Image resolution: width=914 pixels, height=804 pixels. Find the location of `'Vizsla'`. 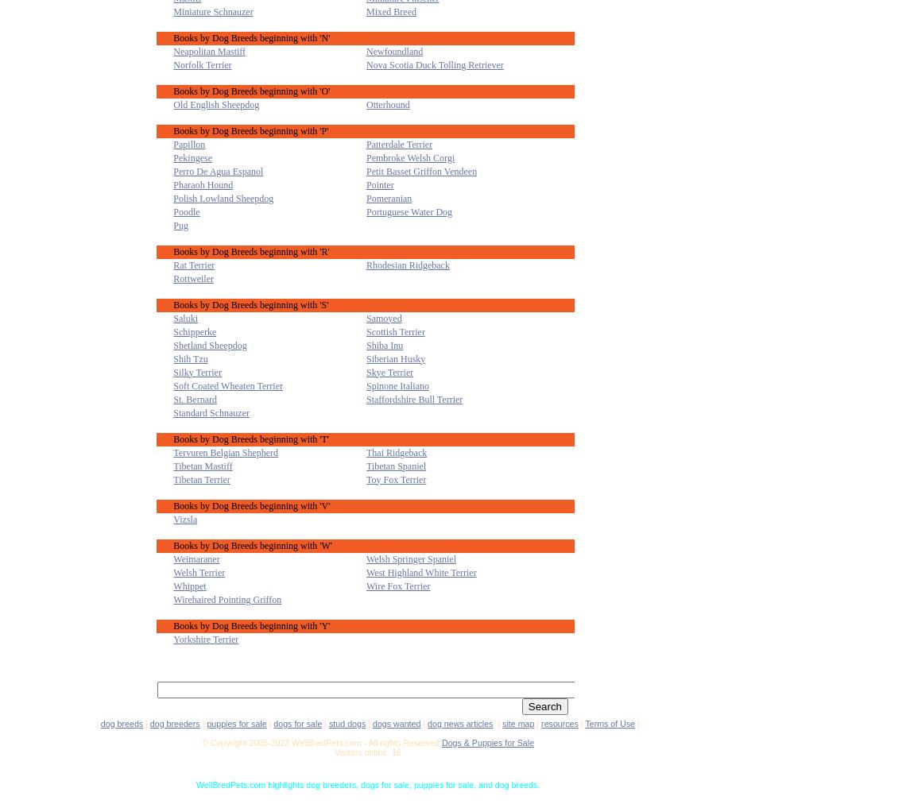

'Vizsla' is located at coordinates (184, 519).